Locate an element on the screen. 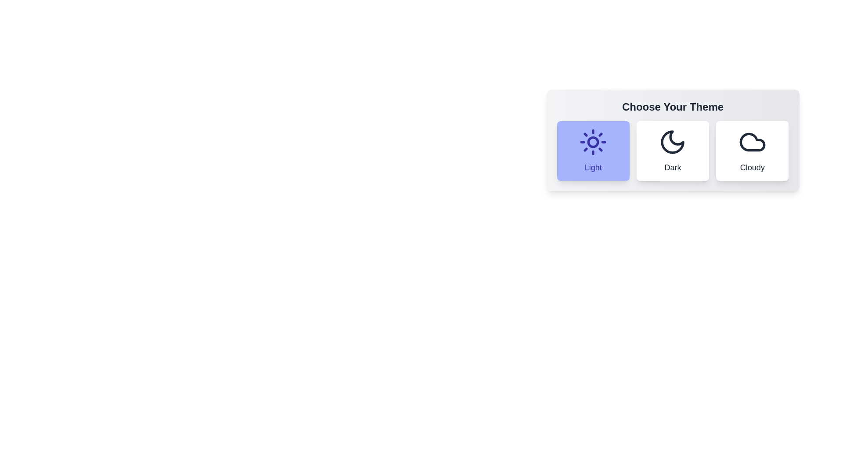 This screenshot has height=474, width=843. the 'Dark' button with a crescent moon icon in the 'Choose Your Theme' section is located at coordinates (672, 150).